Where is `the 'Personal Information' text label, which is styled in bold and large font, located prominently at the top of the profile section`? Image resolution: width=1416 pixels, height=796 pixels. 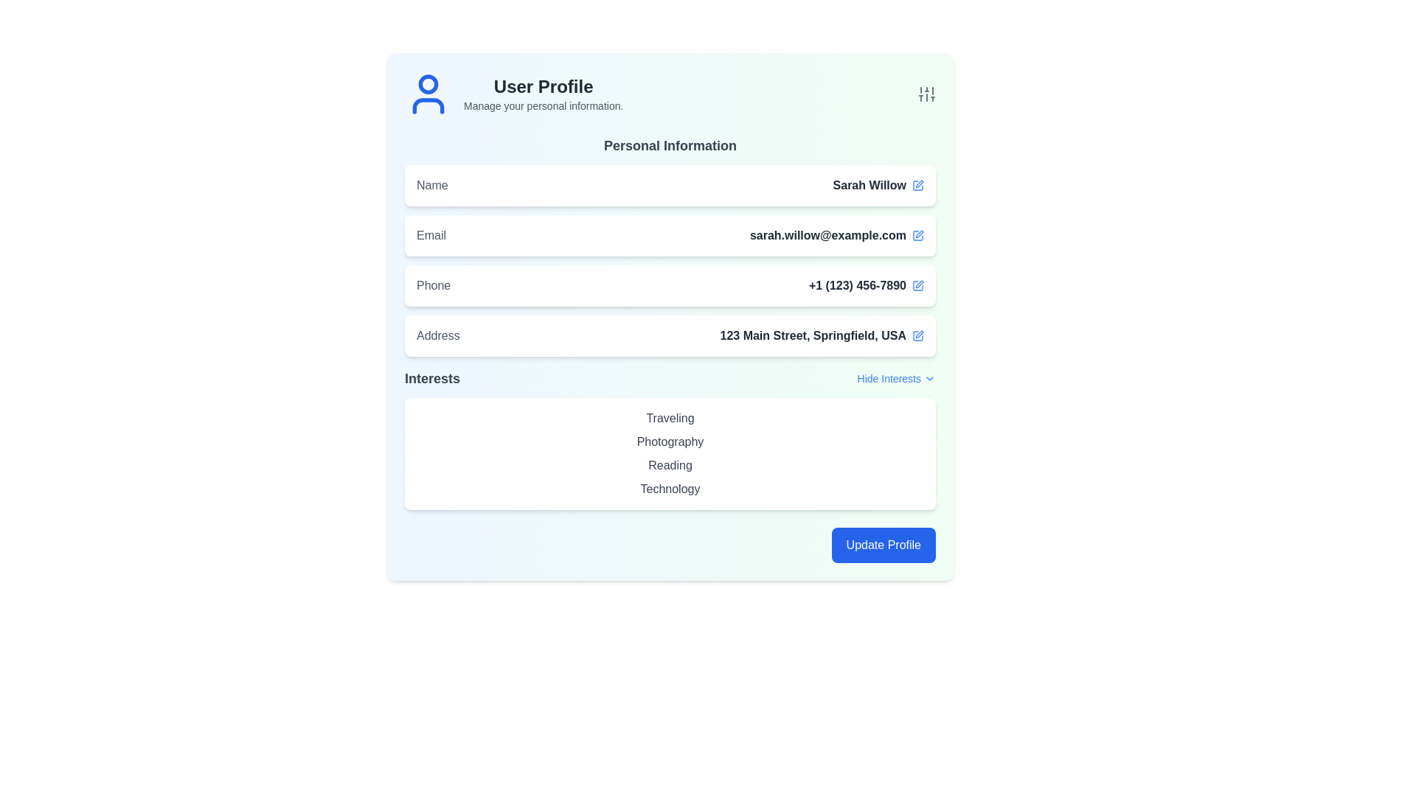 the 'Personal Information' text label, which is styled in bold and large font, located prominently at the top of the profile section is located at coordinates (669, 145).